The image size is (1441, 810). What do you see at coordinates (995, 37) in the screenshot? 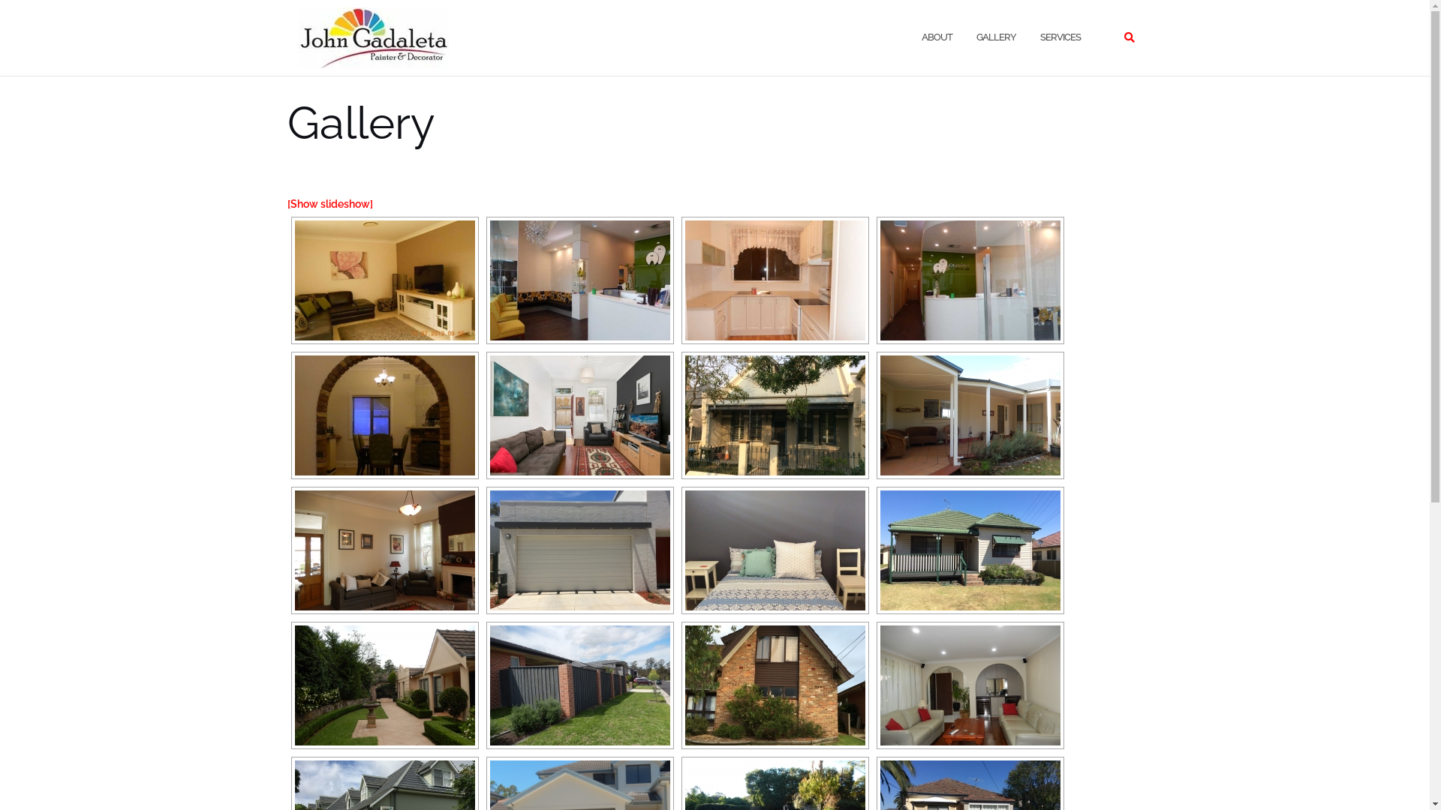
I see `'GALLERY'` at bounding box center [995, 37].